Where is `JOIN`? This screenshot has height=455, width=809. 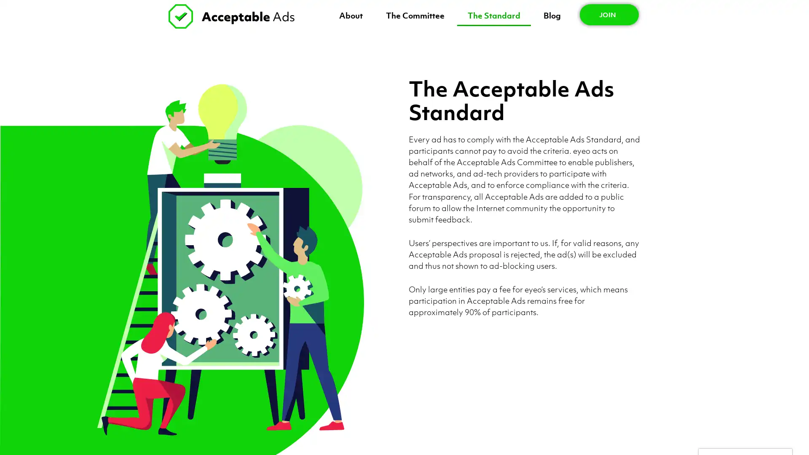 JOIN is located at coordinates (608, 14).